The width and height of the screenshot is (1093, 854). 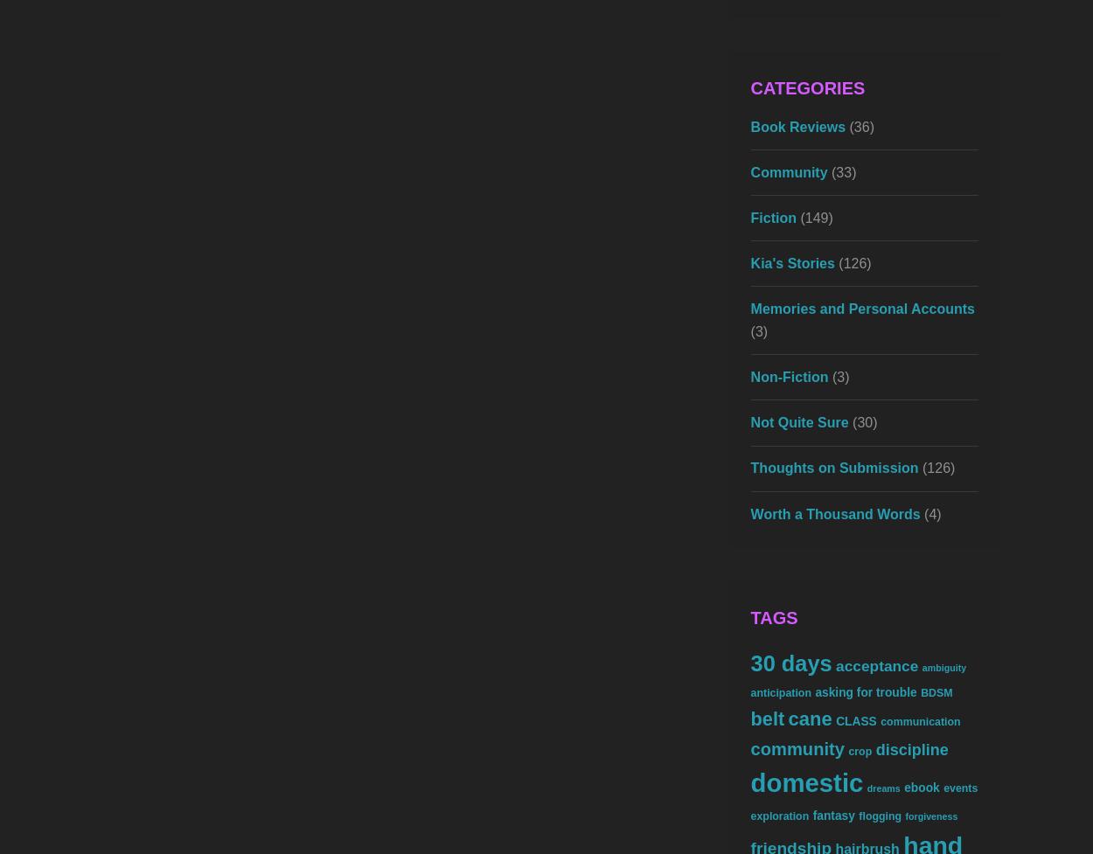 What do you see at coordinates (930, 815) in the screenshot?
I see `'forgiveness'` at bounding box center [930, 815].